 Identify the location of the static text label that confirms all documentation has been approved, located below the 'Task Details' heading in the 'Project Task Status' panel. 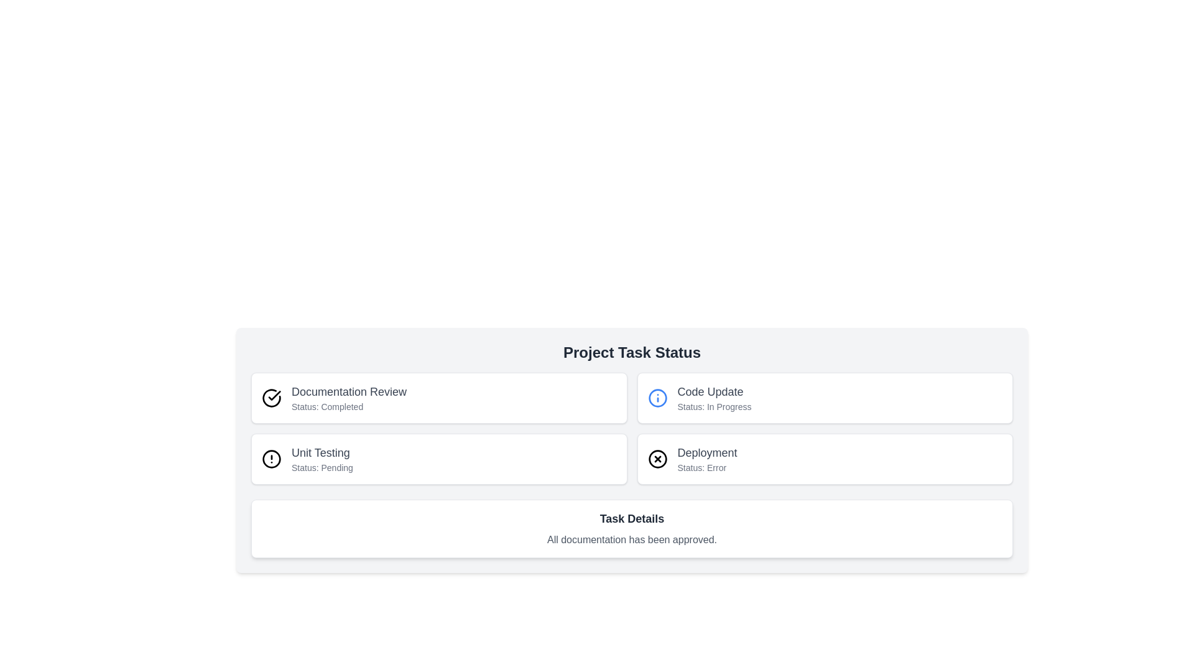
(632, 539).